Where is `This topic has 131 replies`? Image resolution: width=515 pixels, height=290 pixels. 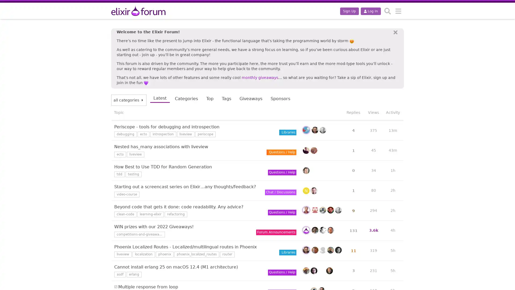
This topic has 131 replies is located at coordinates (133, 78).